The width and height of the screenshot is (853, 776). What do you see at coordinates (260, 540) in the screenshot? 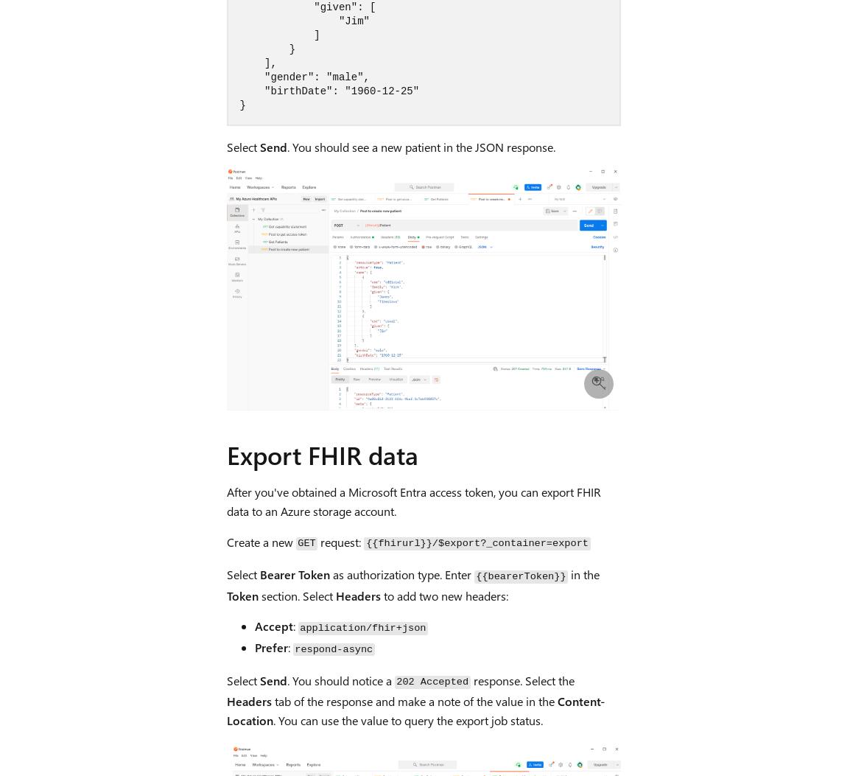
I see `'Create a new'` at bounding box center [260, 540].